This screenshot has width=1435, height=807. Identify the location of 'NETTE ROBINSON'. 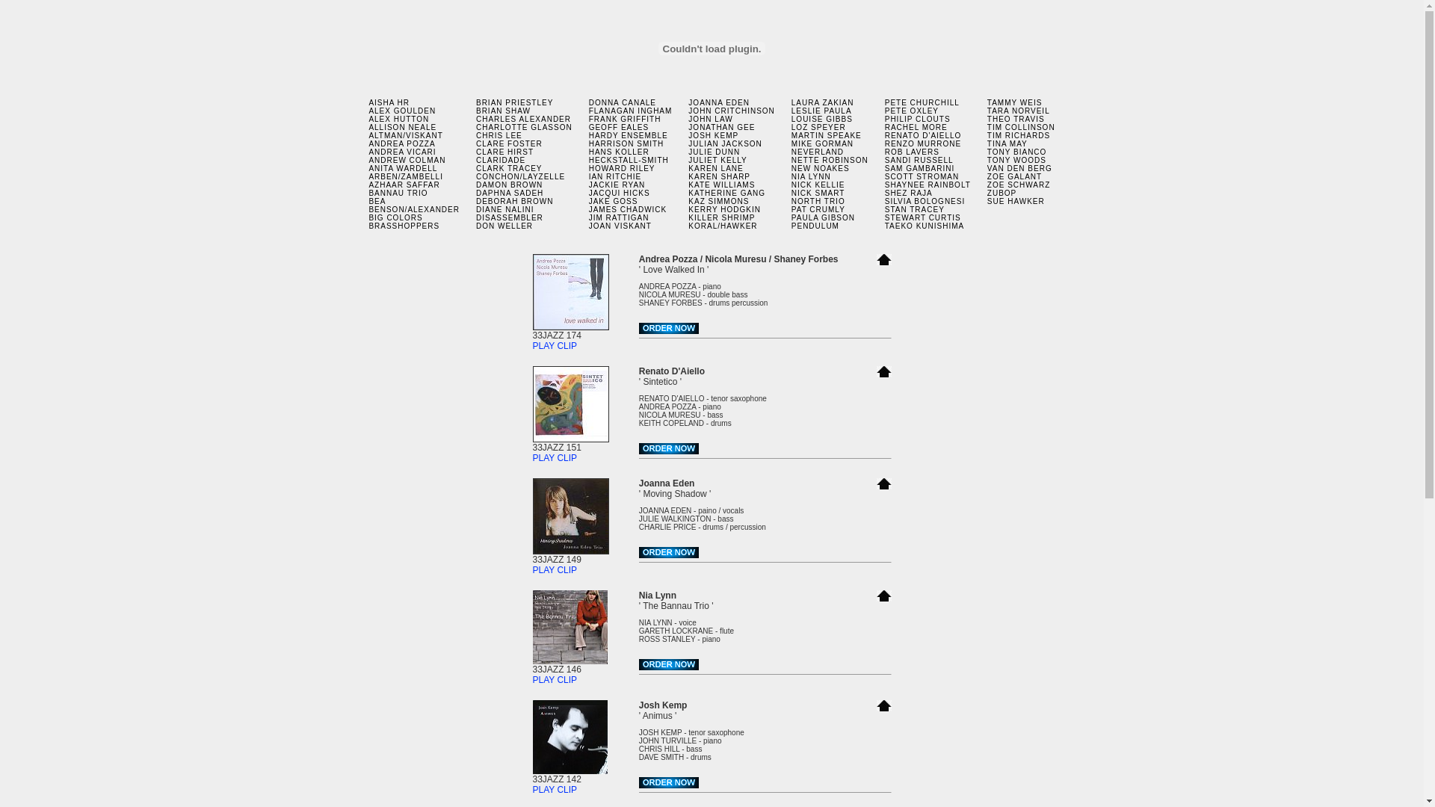
(829, 160).